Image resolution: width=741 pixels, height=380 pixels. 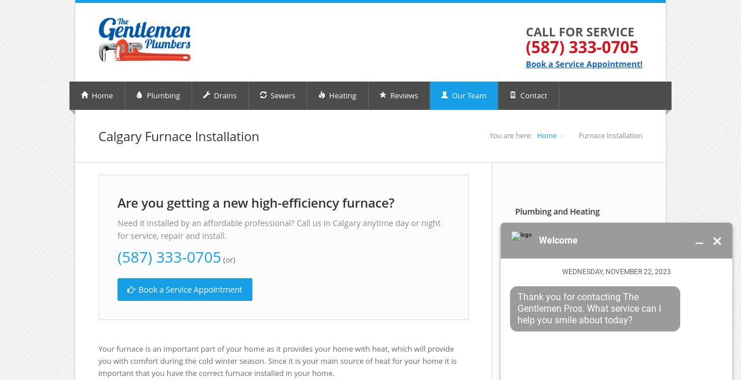 I want to click on 'Bad Odors', so click(x=522, y=311).